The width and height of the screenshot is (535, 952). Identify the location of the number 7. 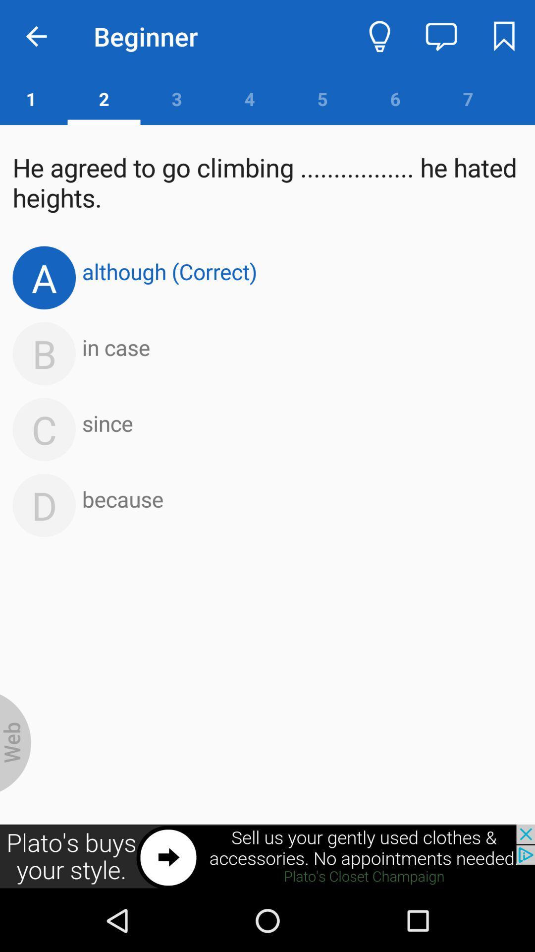
(468, 99).